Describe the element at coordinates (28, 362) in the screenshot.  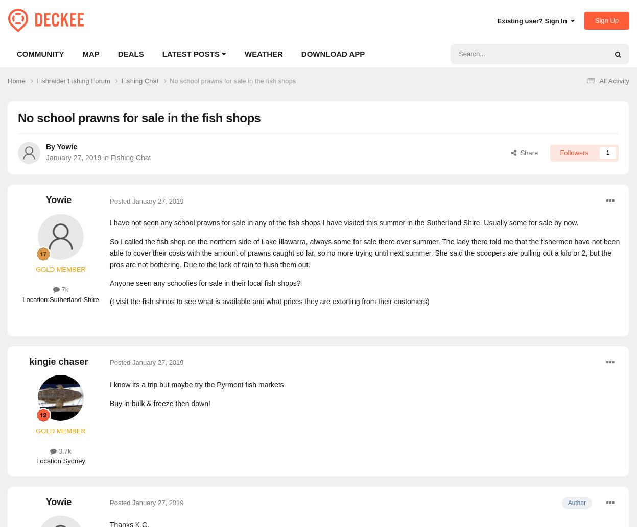
I see `'kingie chaser'` at that location.